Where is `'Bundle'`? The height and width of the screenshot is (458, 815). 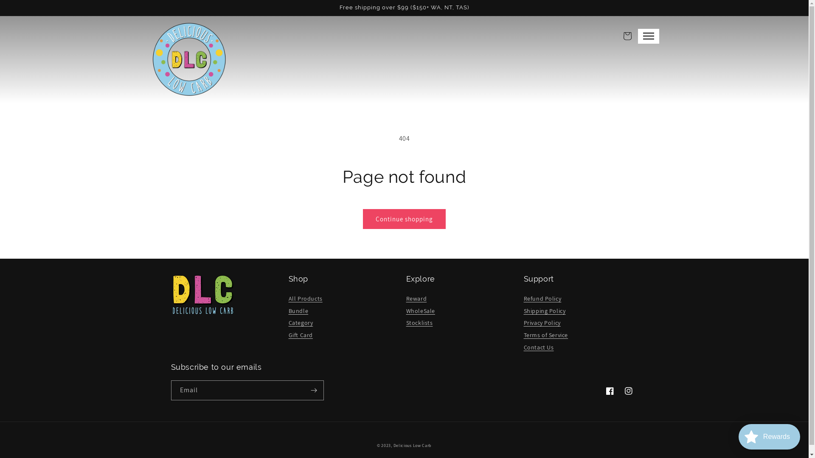 'Bundle' is located at coordinates (298, 311).